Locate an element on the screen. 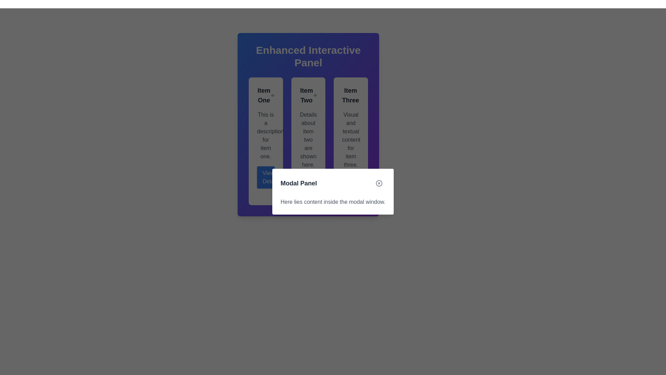  the static text label that serves as the title of the modal dialog, located near the upper left of the modal's header section is located at coordinates (299, 183).